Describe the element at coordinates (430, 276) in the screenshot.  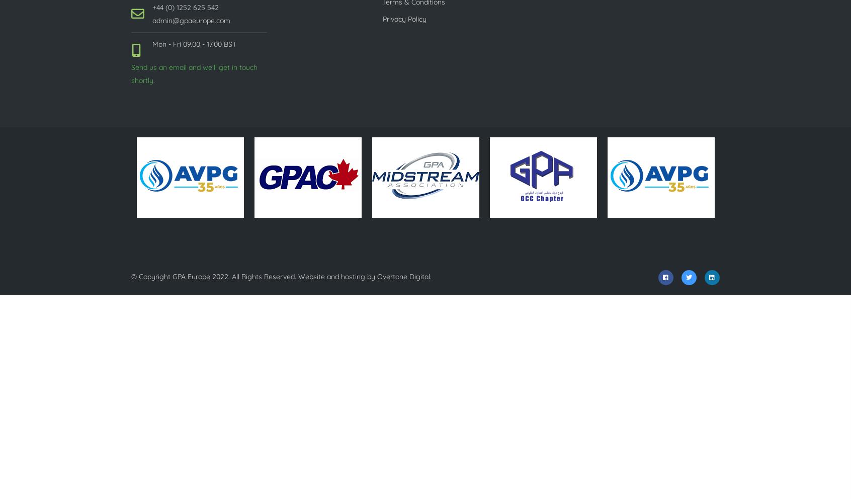
I see `'.'` at that location.